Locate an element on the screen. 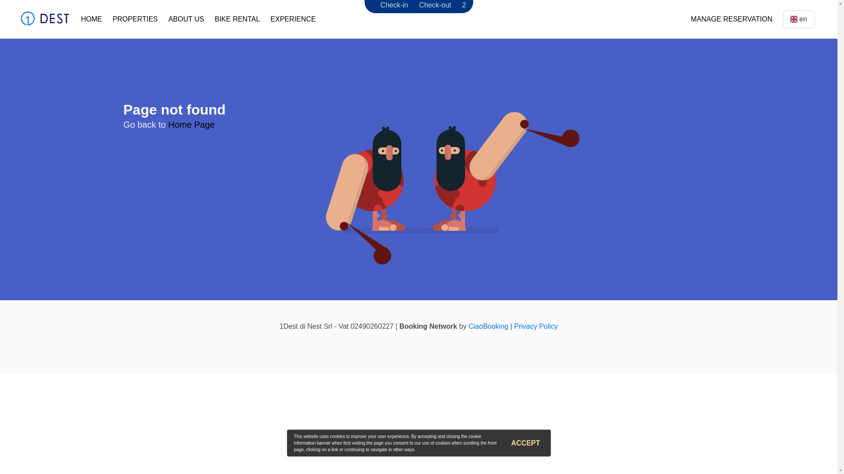  'en' is located at coordinates (799, 19).